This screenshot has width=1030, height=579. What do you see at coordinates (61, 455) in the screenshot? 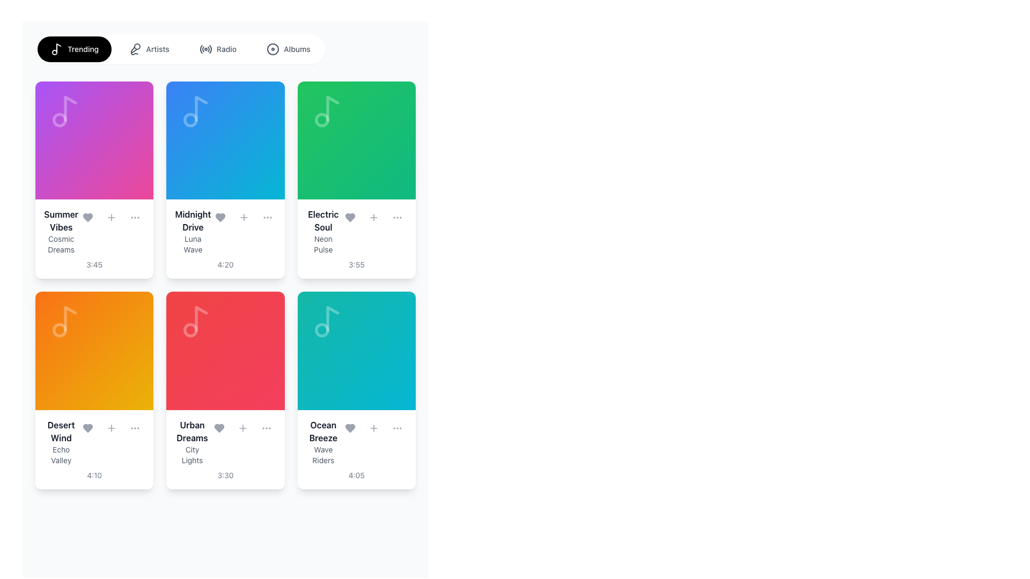
I see `the static text label that displays additional descriptive information about the media item, located beneath the title 'Desert Wind' and above the duration label '4:10' in the lower-left card of a 2x4 grid layout` at bounding box center [61, 455].